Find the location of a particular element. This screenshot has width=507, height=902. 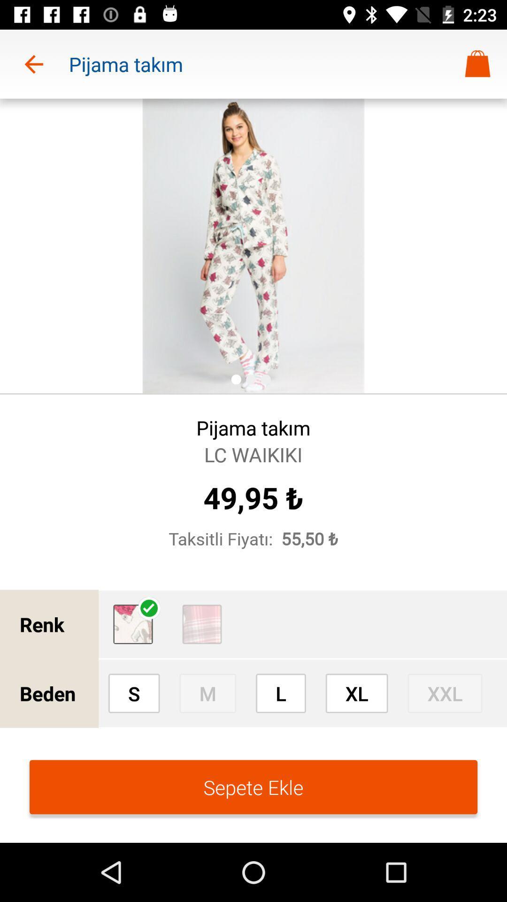

item next to l is located at coordinates (207, 693).